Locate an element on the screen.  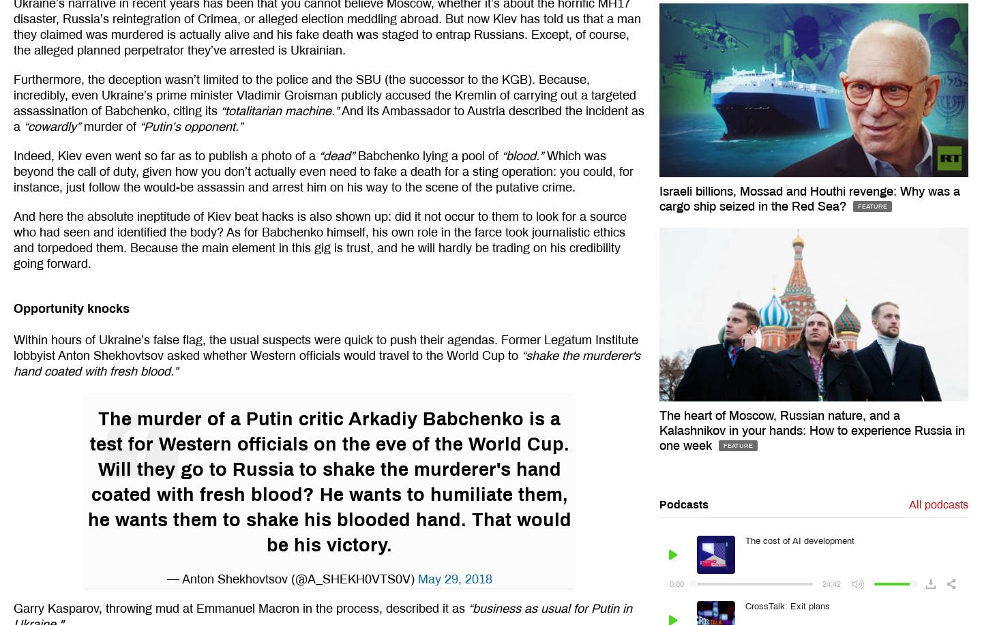
'“dead”' is located at coordinates (334, 154).